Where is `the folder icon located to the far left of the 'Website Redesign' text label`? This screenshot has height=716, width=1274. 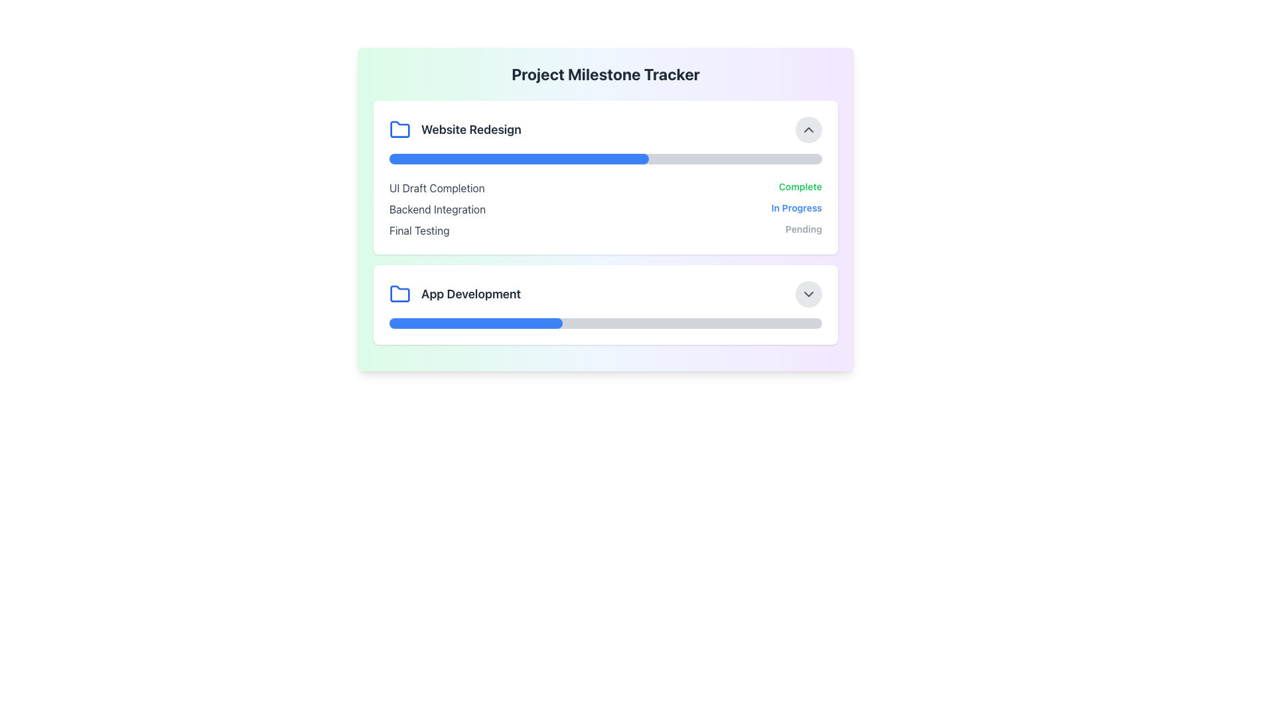
the folder icon located to the far left of the 'Website Redesign' text label is located at coordinates (399, 130).